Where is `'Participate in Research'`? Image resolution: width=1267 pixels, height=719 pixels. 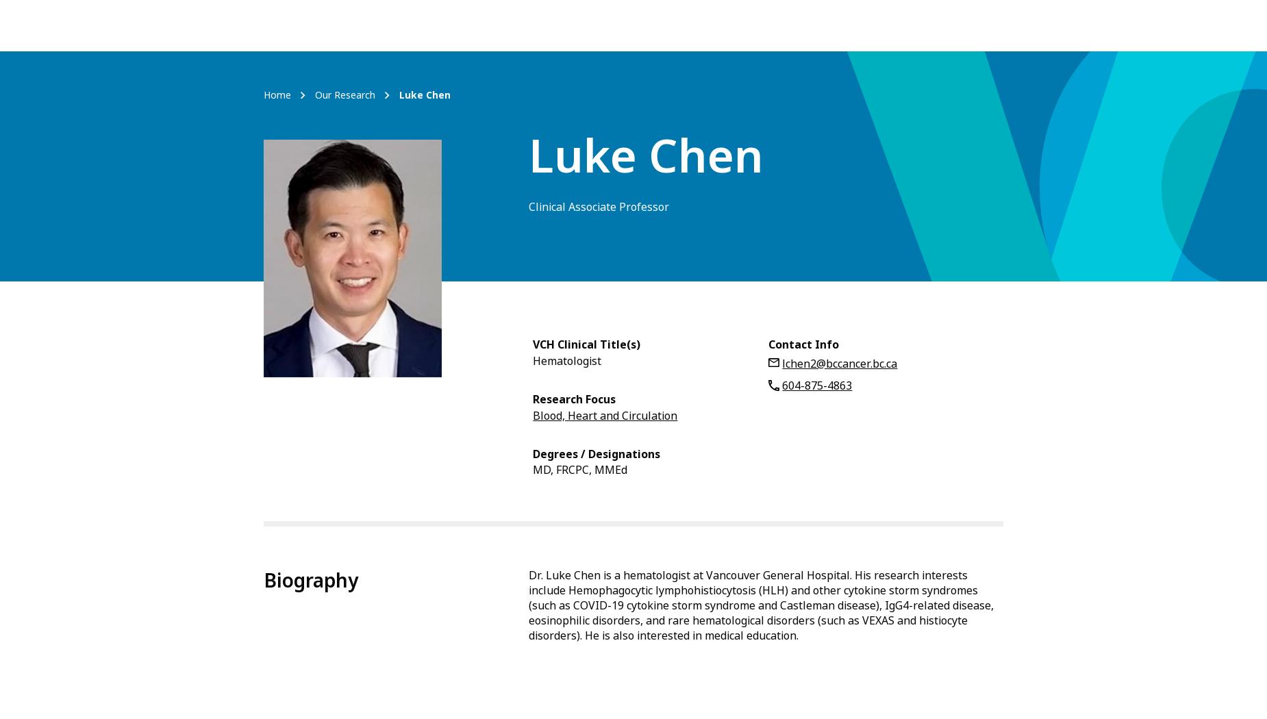
'Participate in Research' is located at coordinates (788, 25).